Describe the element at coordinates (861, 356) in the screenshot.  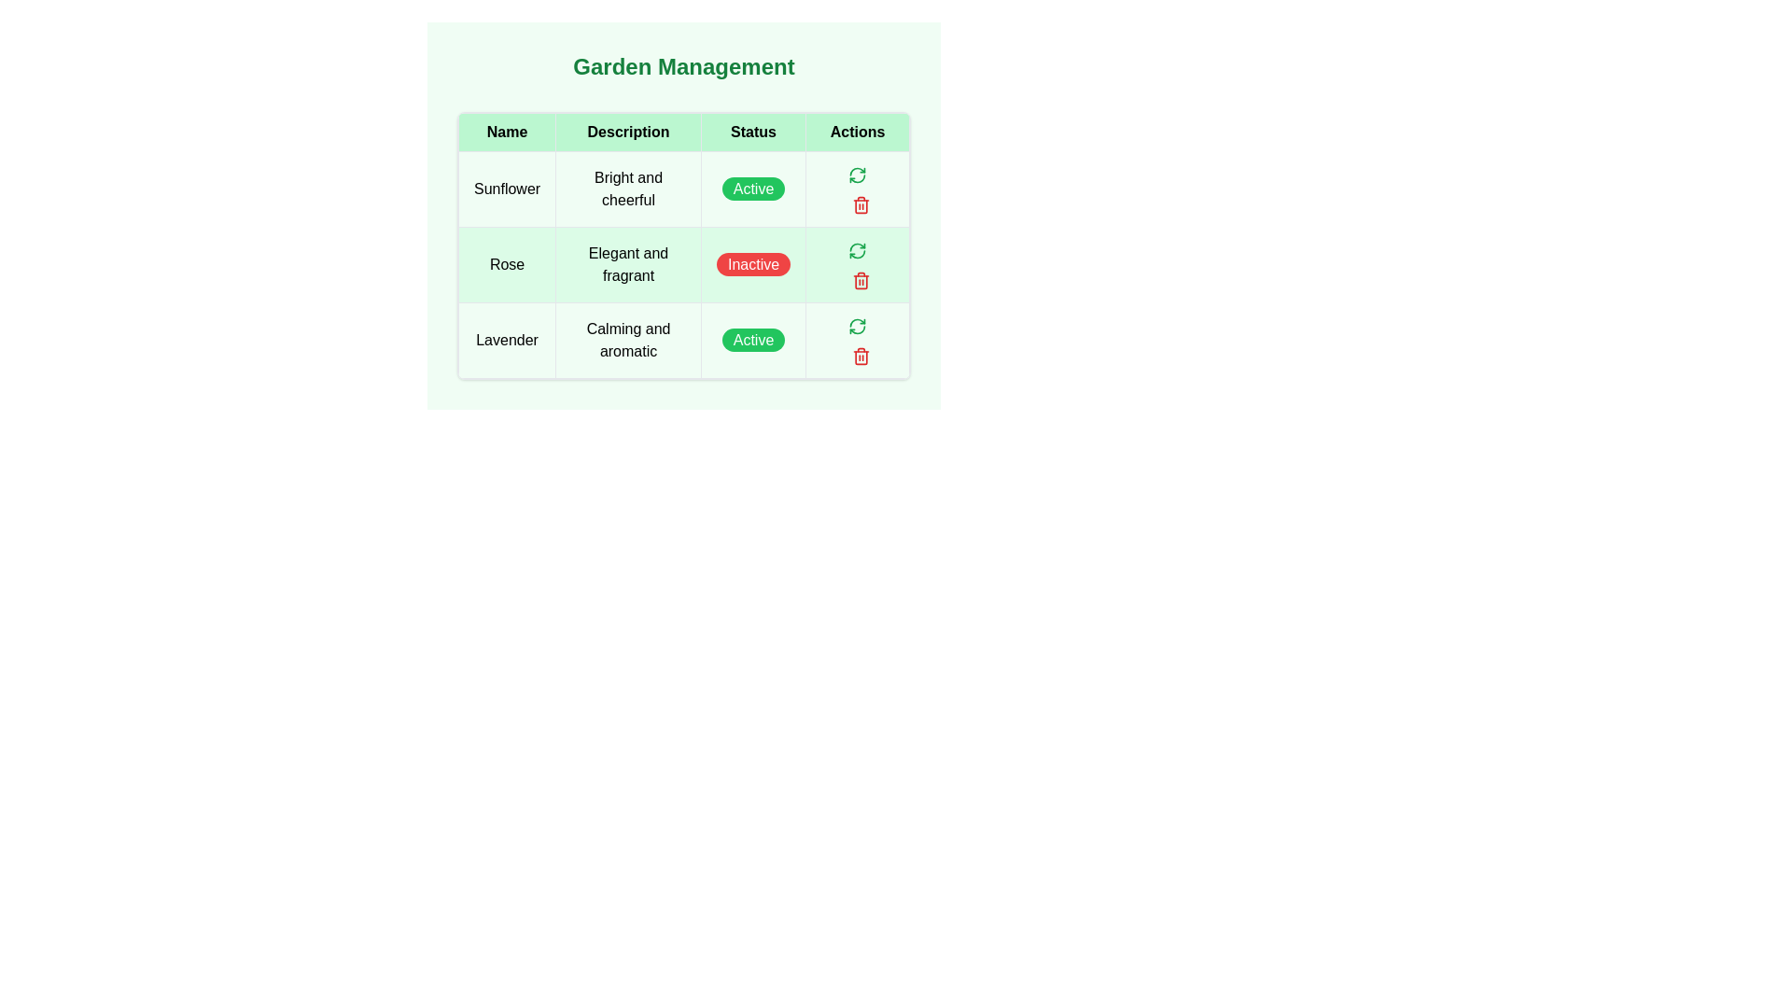
I see `the red-colored trash icon button located in the 'Actions' column of the table for the 'Lavender' entry` at that location.